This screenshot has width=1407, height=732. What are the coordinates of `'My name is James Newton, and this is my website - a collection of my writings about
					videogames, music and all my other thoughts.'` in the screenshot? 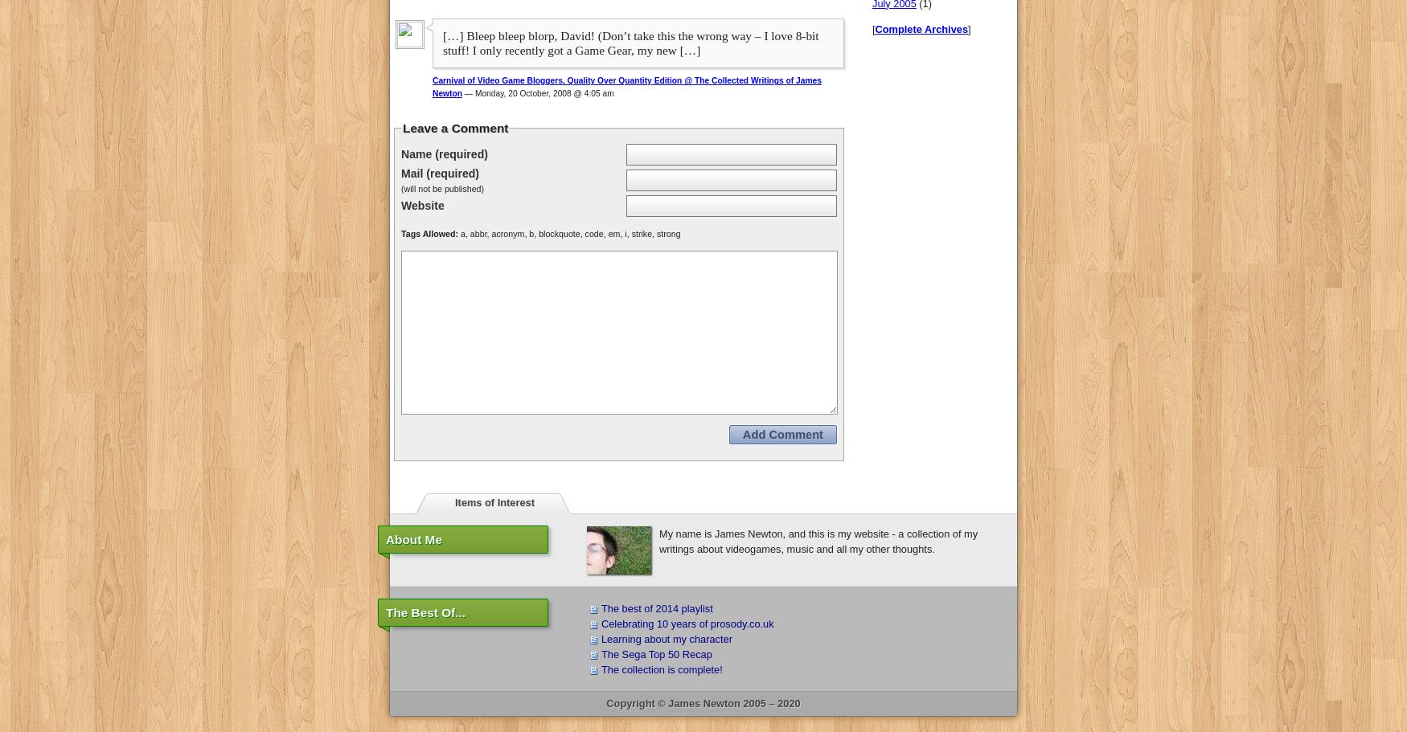 It's located at (817, 539).